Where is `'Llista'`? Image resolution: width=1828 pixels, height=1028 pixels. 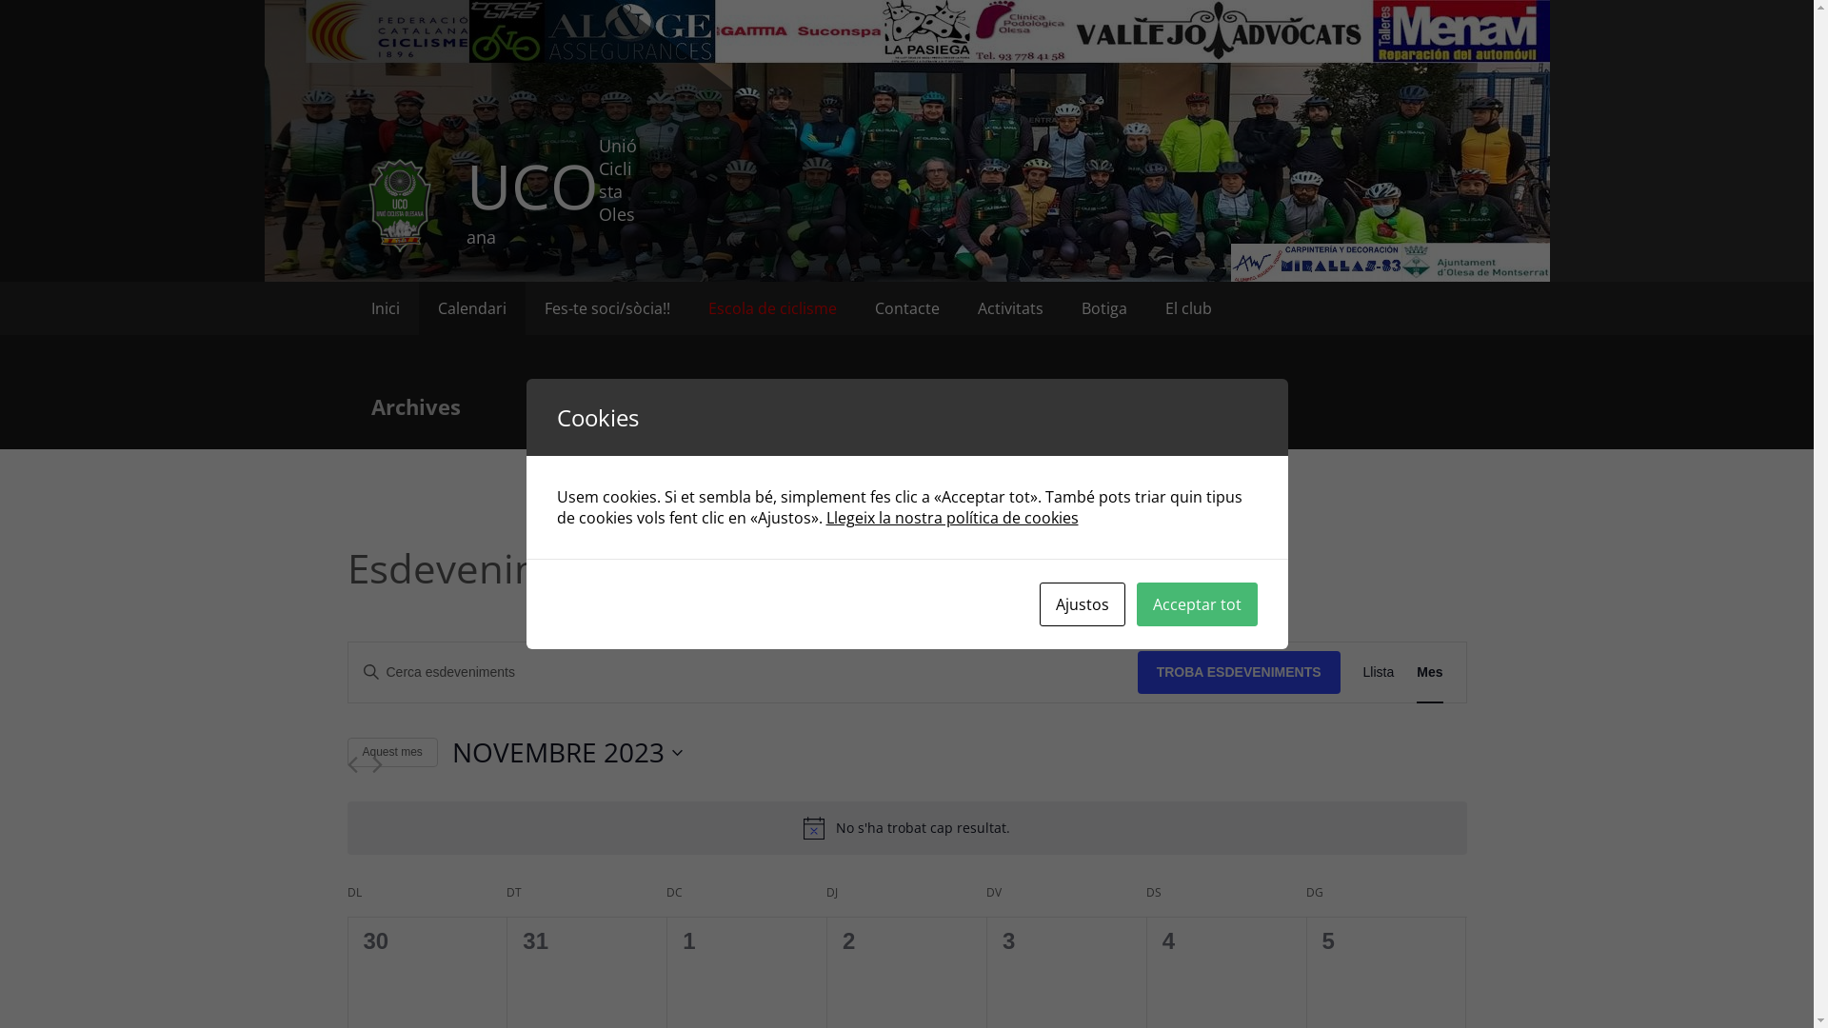 'Llista' is located at coordinates (1379, 671).